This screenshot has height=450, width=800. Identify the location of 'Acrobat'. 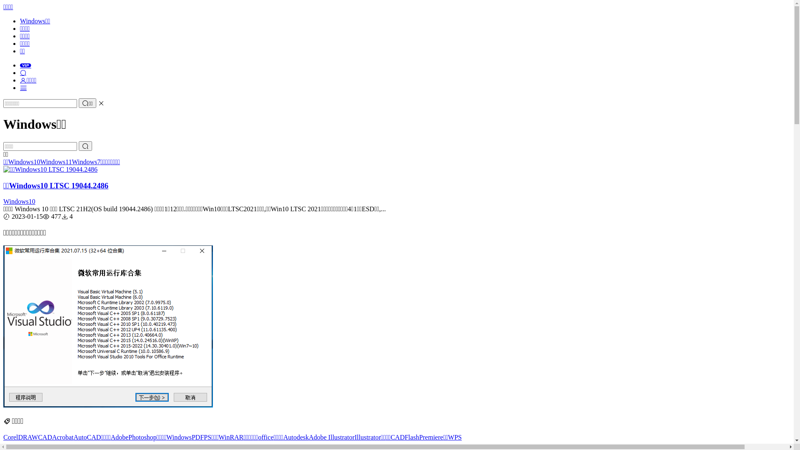
(62, 437).